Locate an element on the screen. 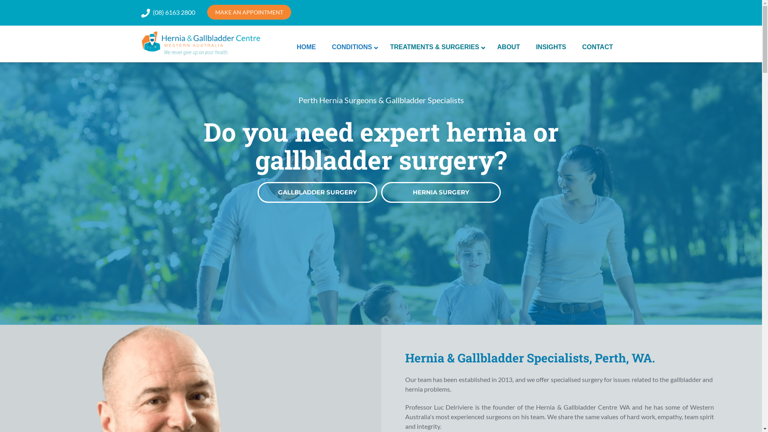 The image size is (768, 432). 'MAKE AN APPOINTMENT' is located at coordinates (207, 12).